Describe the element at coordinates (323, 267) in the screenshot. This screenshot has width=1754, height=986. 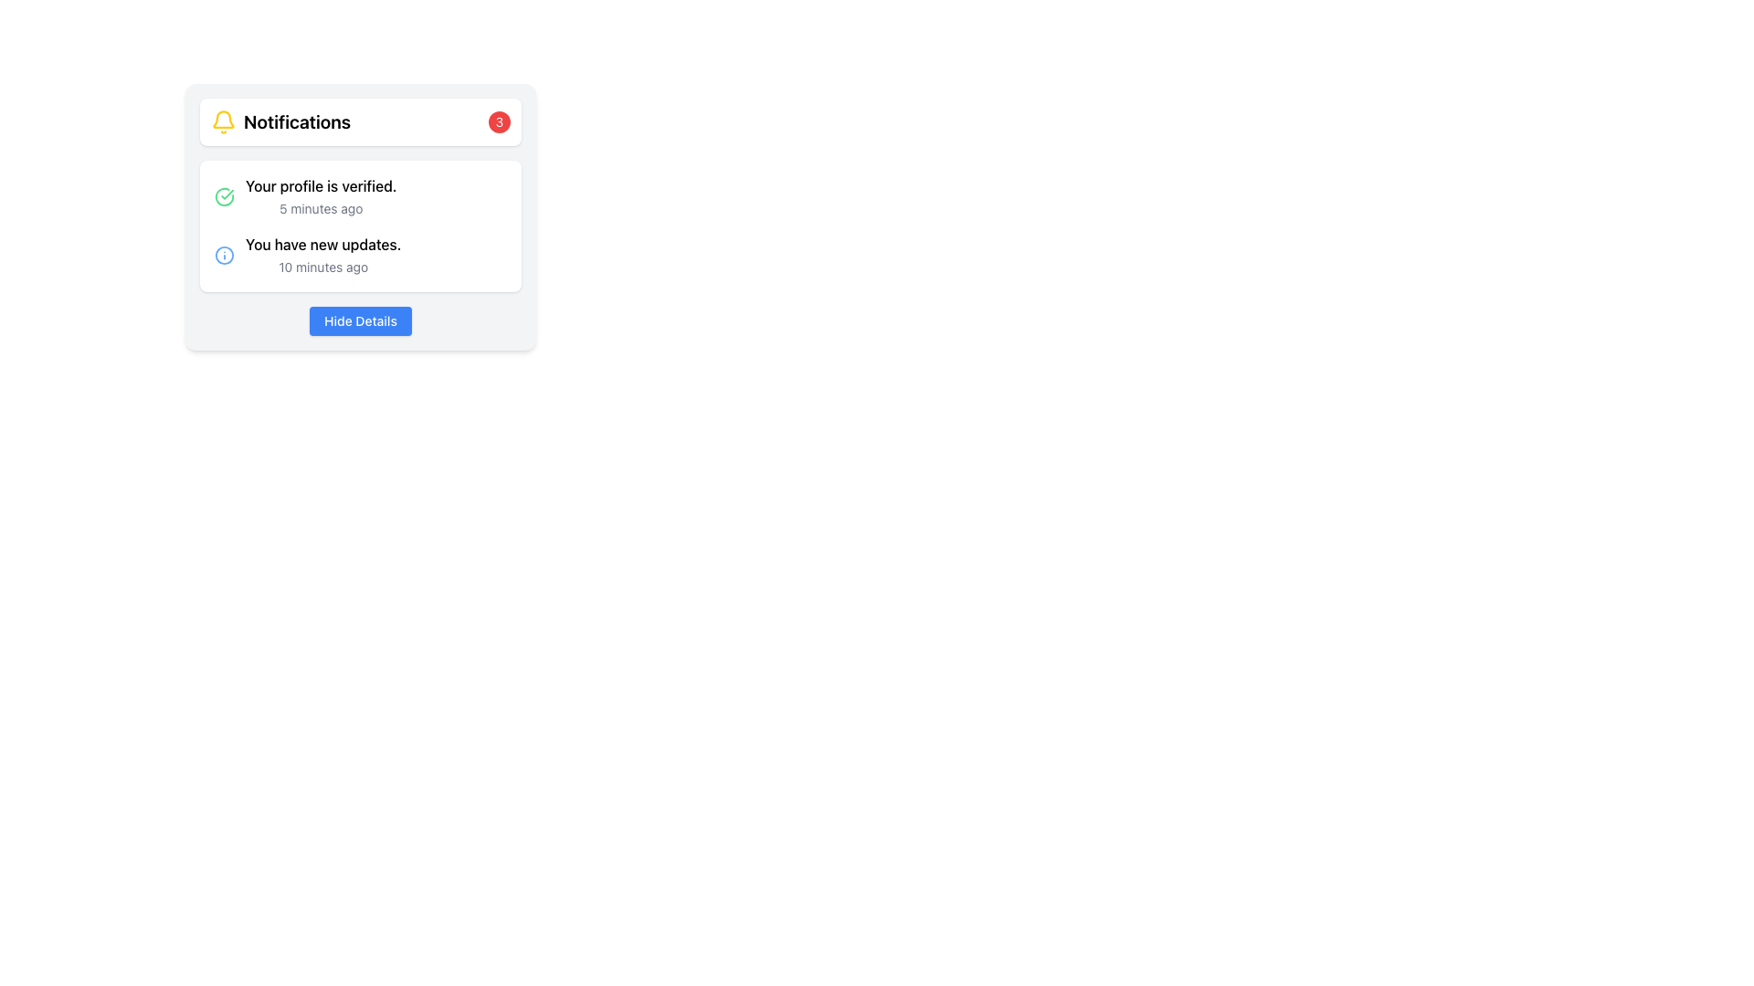
I see `the text label that displays the timestamp for notifications, located below 'You have new updates.' in the bottom-right portion of the notification card` at that location.